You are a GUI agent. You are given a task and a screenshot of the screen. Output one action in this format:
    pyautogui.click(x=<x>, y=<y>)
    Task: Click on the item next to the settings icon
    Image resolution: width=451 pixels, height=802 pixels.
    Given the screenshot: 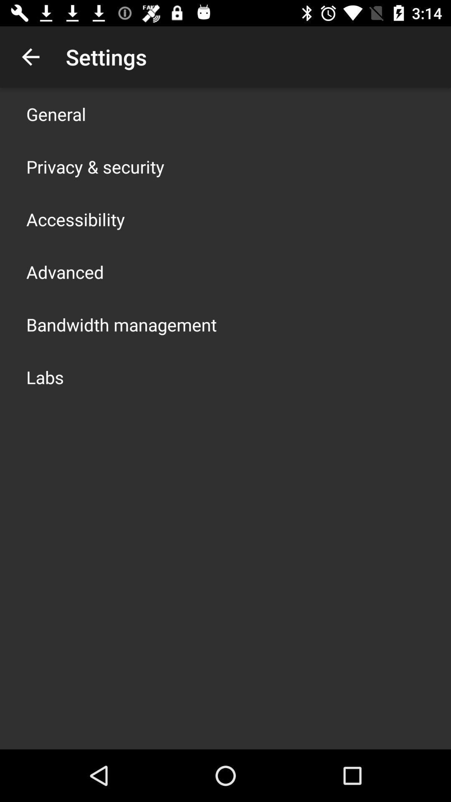 What is the action you would take?
    pyautogui.click(x=30, y=56)
    